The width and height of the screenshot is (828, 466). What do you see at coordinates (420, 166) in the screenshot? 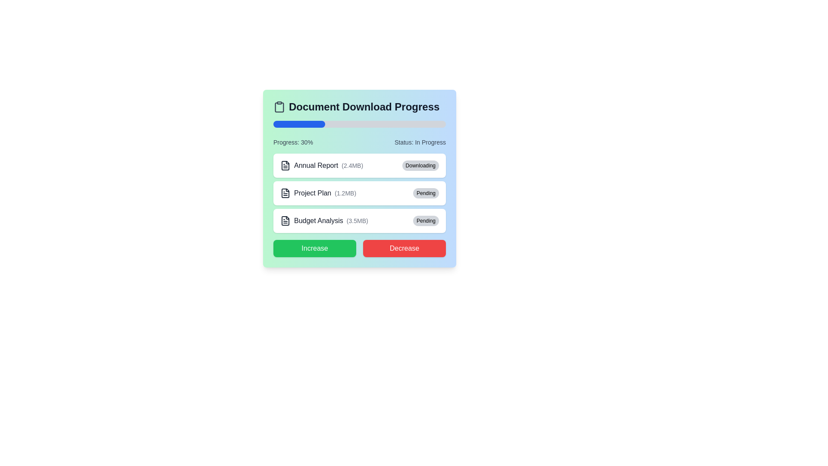
I see `the status indicator label displaying 'Downloading' for the 'Annual Report' file, positioned towards the right edge of its row` at bounding box center [420, 166].